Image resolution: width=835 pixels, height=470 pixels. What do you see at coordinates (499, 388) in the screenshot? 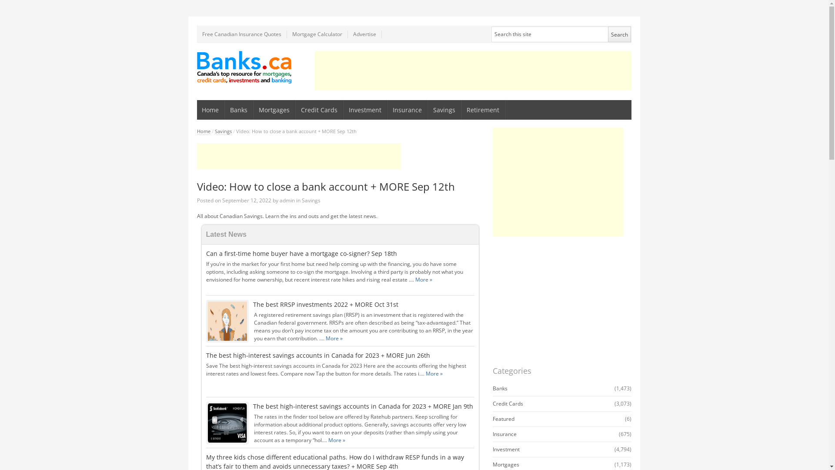
I see `'Banks'` at bounding box center [499, 388].